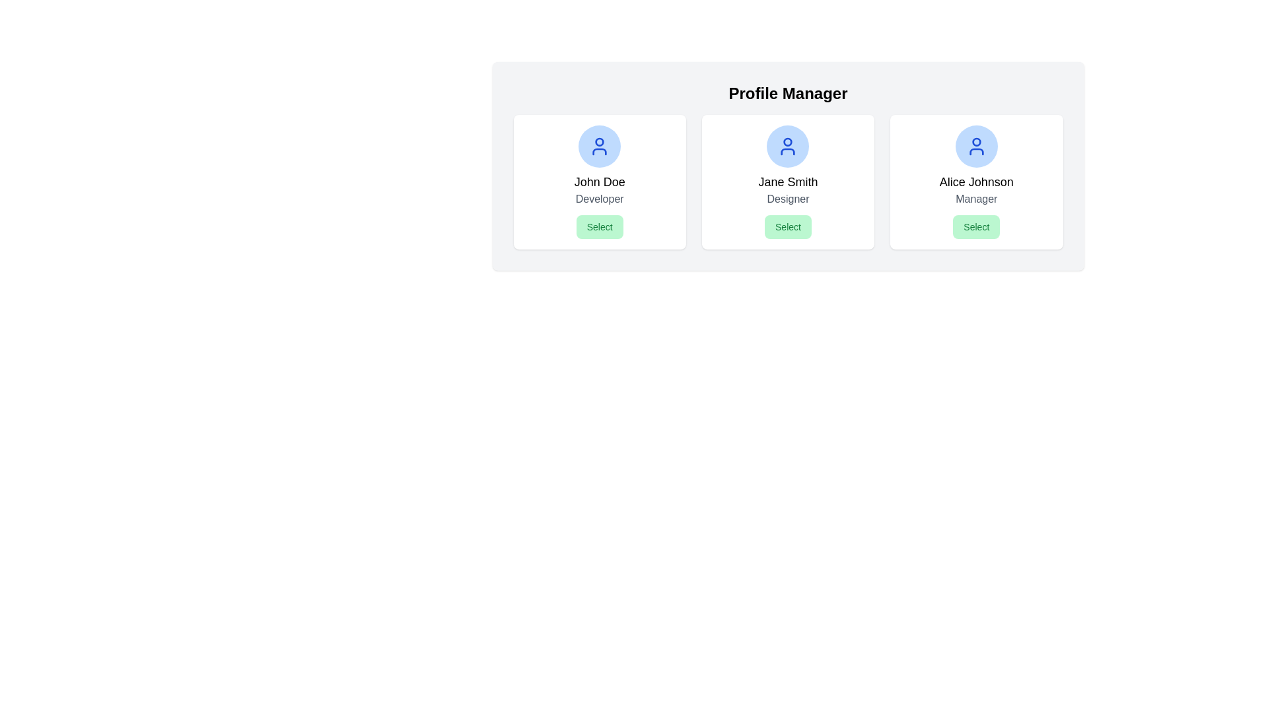  I want to click on the Profile card for 'John Doe', which contains a profile avatar, the name in bold, the role in gray, and a green 'Select' button at the bottom, so click(599, 182).